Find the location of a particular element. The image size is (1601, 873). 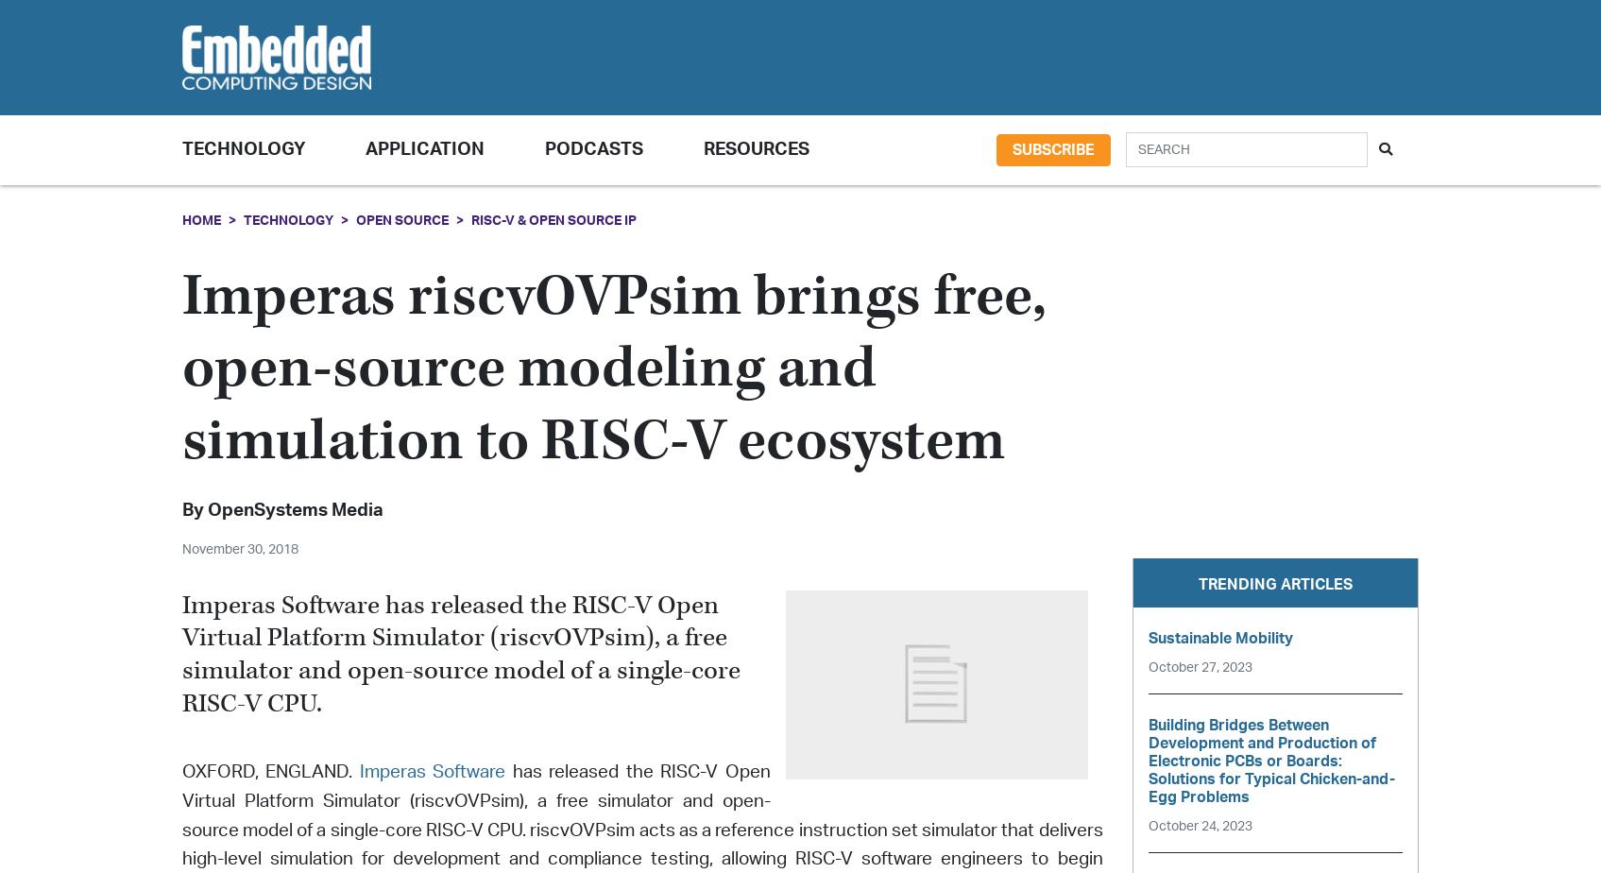

'Imperas riscvOVPsim brings free, open-source modeling and simulation to RISC-V ecosystem' is located at coordinates (612, 368).